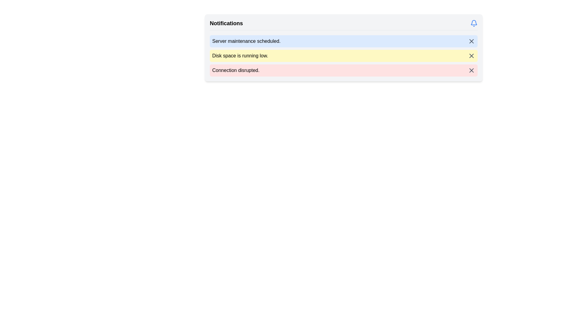 The width and height of the screenshot is (583, 328). Describe the element at coordinates (471, 56) in the screenshot. I see `the small, circular button featuring an 'X' icon` at that location.